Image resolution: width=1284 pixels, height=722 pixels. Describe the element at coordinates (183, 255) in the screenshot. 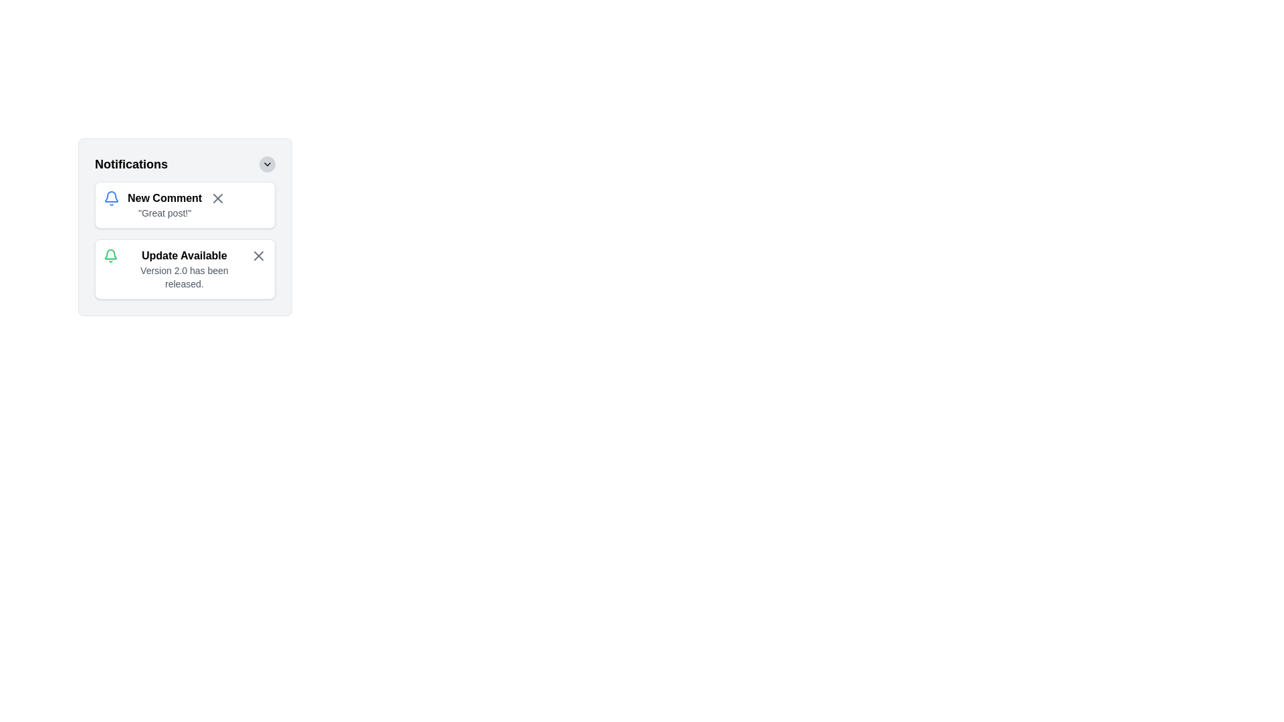

I see `bold text 'Update Available' located at the top of the notification card, which is visually distinctive and positioned above the smaller text 'Version 2.0 has been released.'` at that location.